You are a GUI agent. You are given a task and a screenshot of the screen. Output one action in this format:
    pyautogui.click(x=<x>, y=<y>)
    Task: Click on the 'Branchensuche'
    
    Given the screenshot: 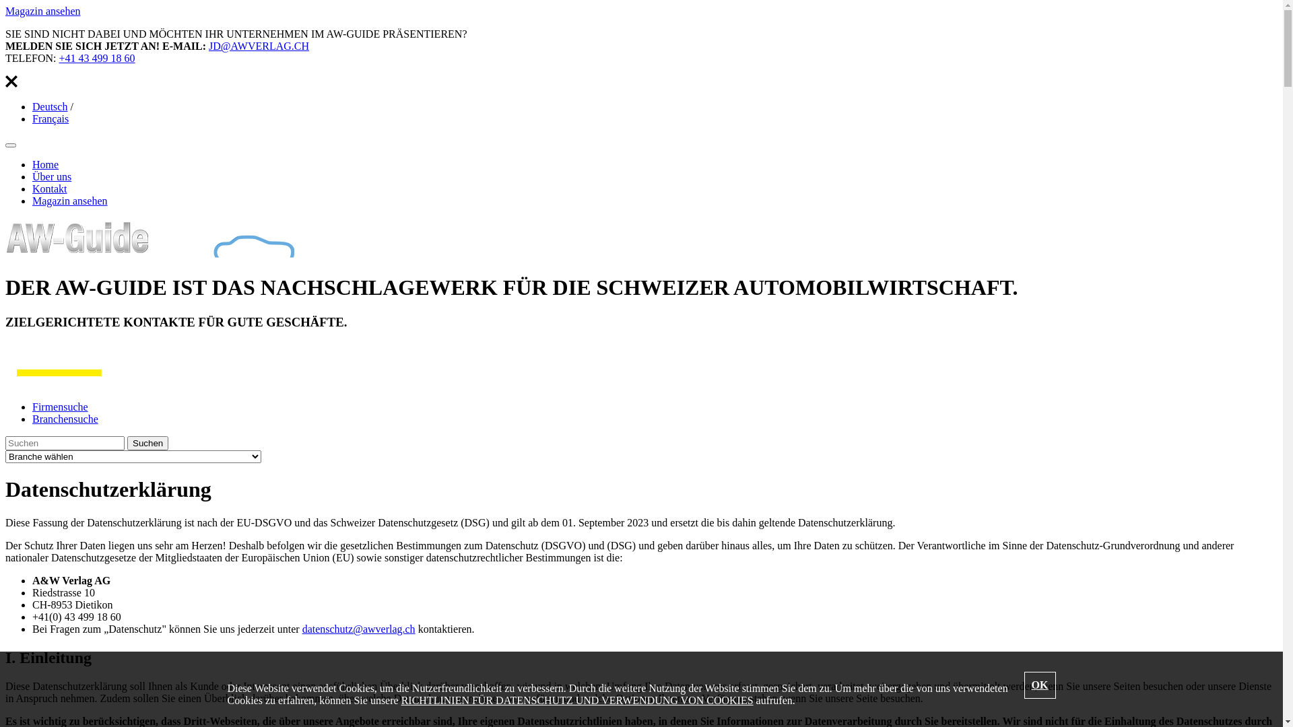 What is the action you would take?
    pyautogui.click(x=64, y=418)
    